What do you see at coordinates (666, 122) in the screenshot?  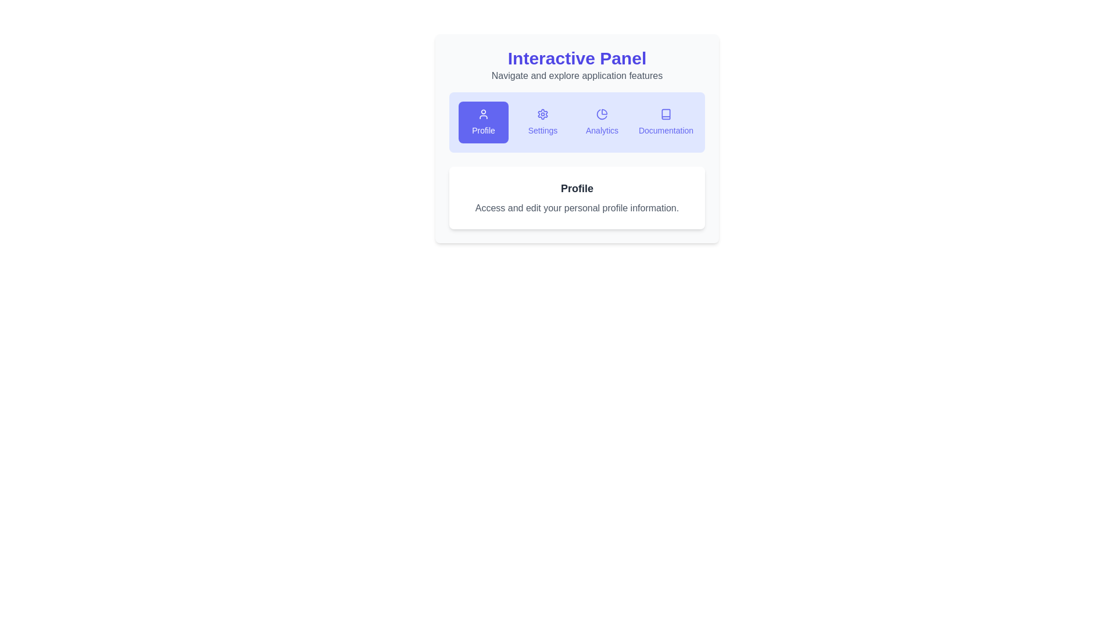 I see `the fourth button in the horizontal row, located to the right of the 'Analytics' button` at bounding box center [666, 122].